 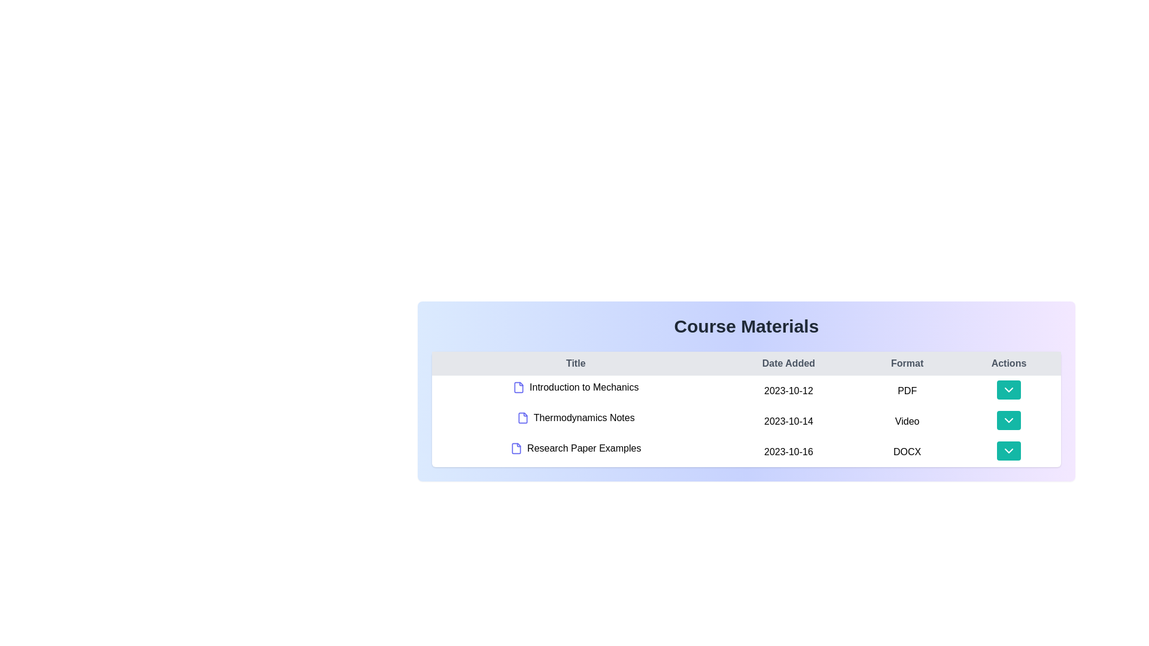 What do you see at coordinates (1008, 452) in the screenshot?
I see `the teal-colored rectangular button with rounded corners containing a white downward-pointing chevron icon` at bounding box center [1008, 452].